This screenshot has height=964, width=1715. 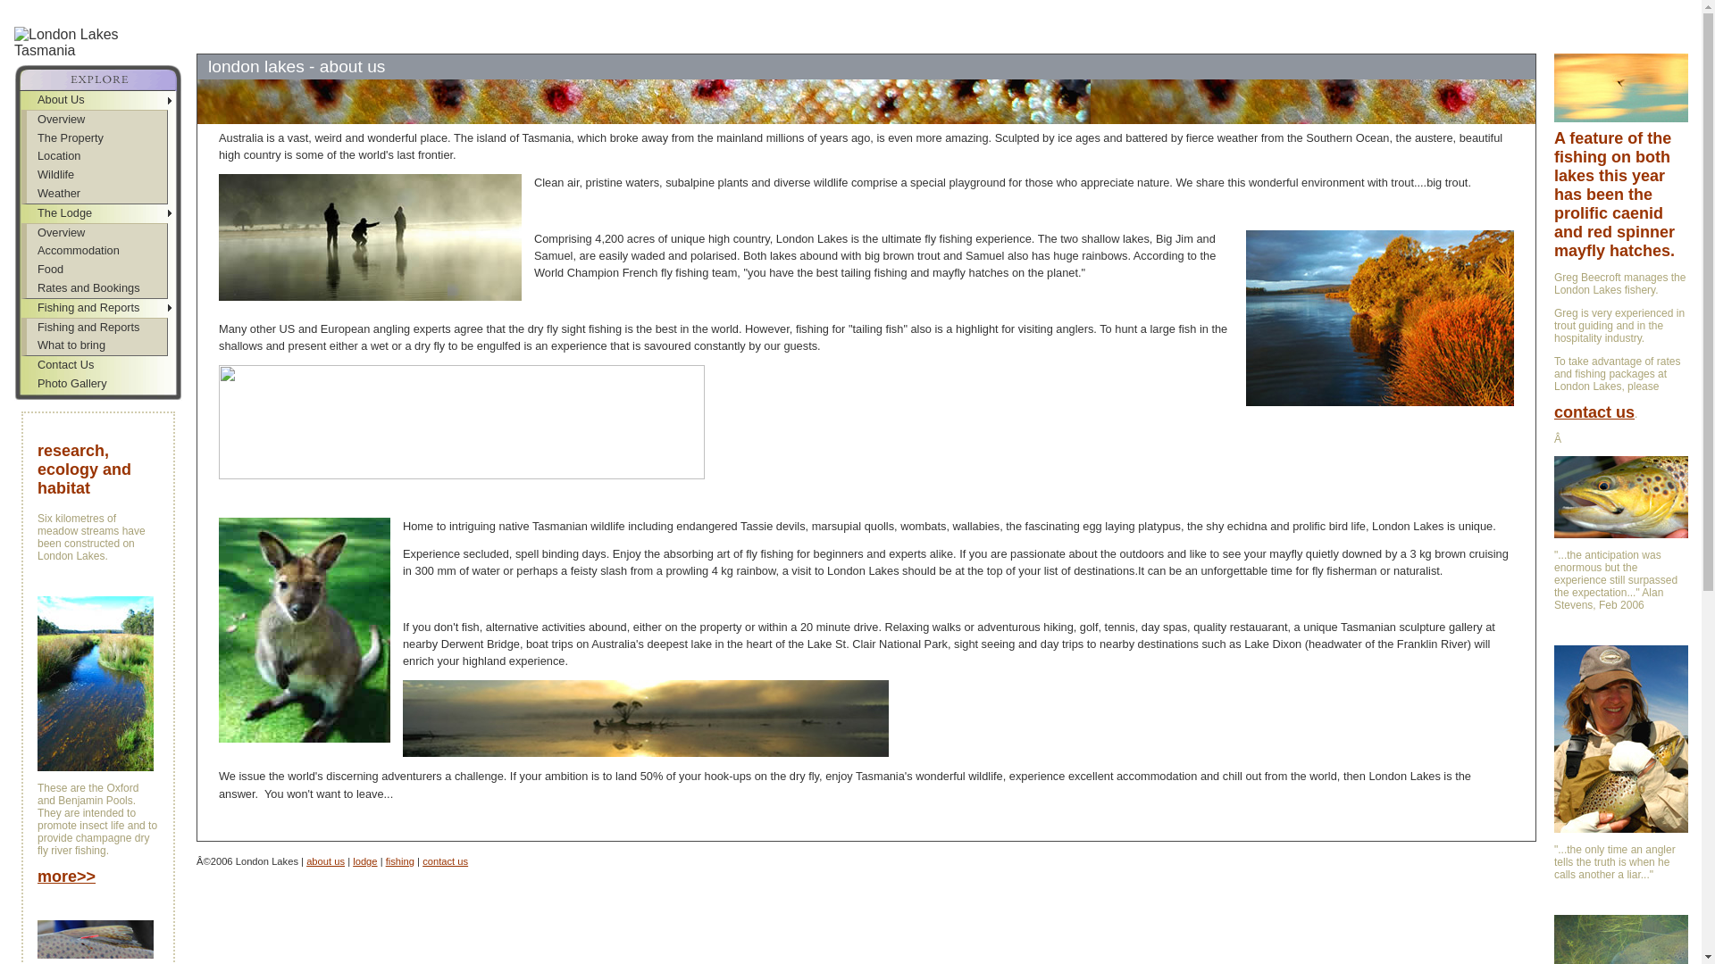 I want to click on 'Rates and Bookings', so click(x=96, y=287).